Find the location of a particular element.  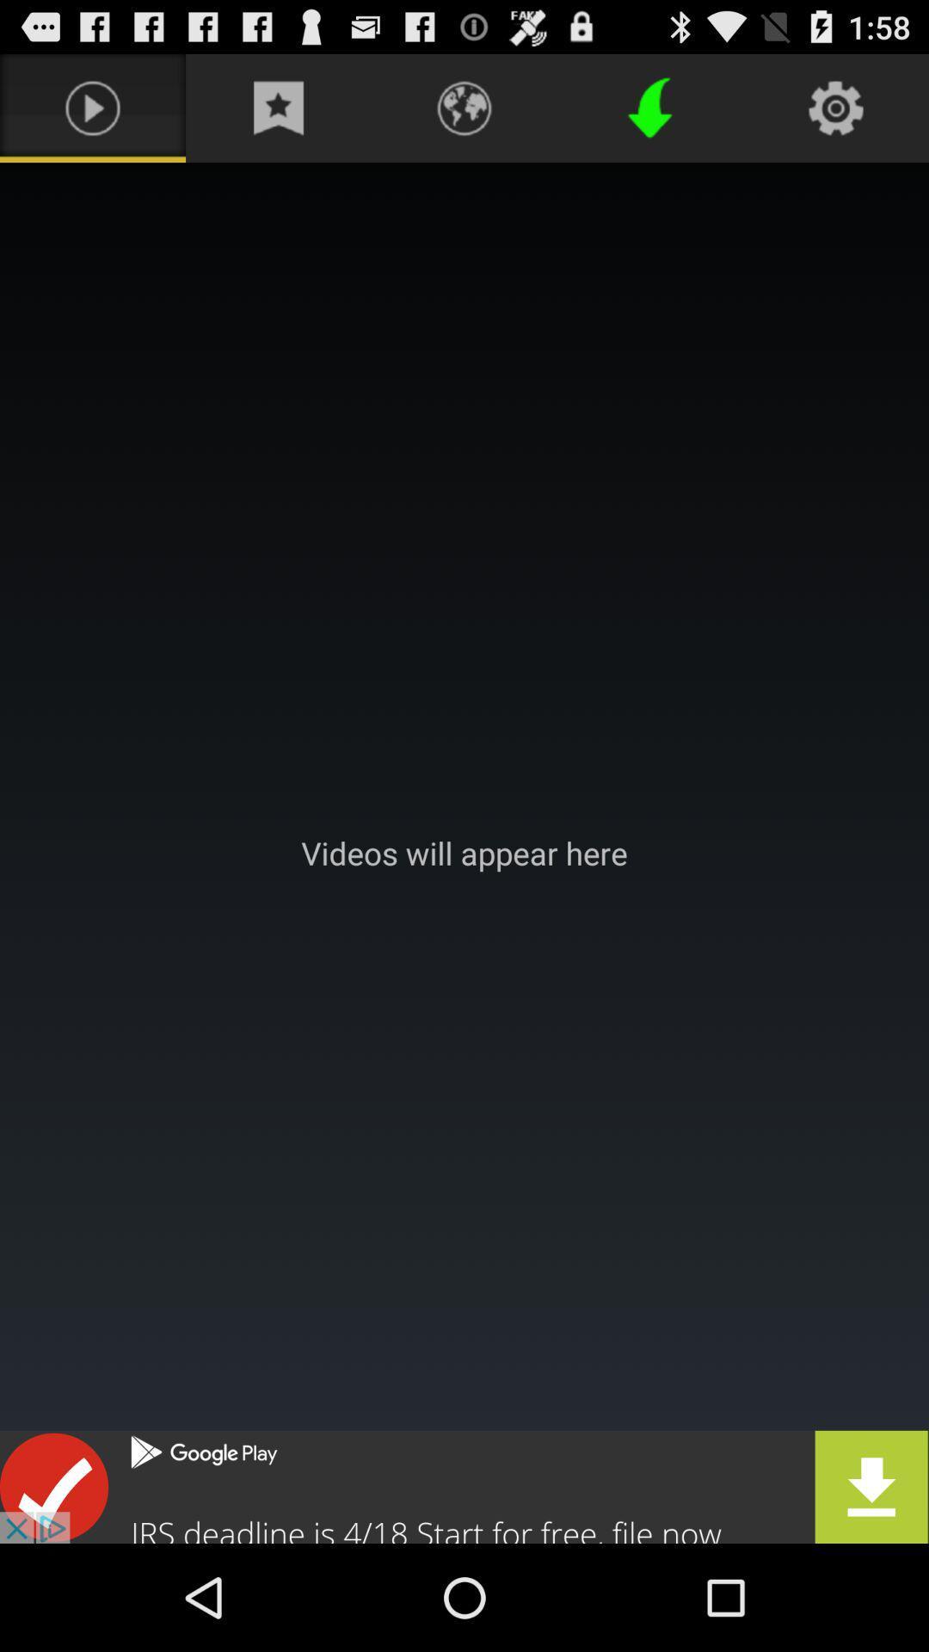

advertisement is located at coordinates (464, 1486).